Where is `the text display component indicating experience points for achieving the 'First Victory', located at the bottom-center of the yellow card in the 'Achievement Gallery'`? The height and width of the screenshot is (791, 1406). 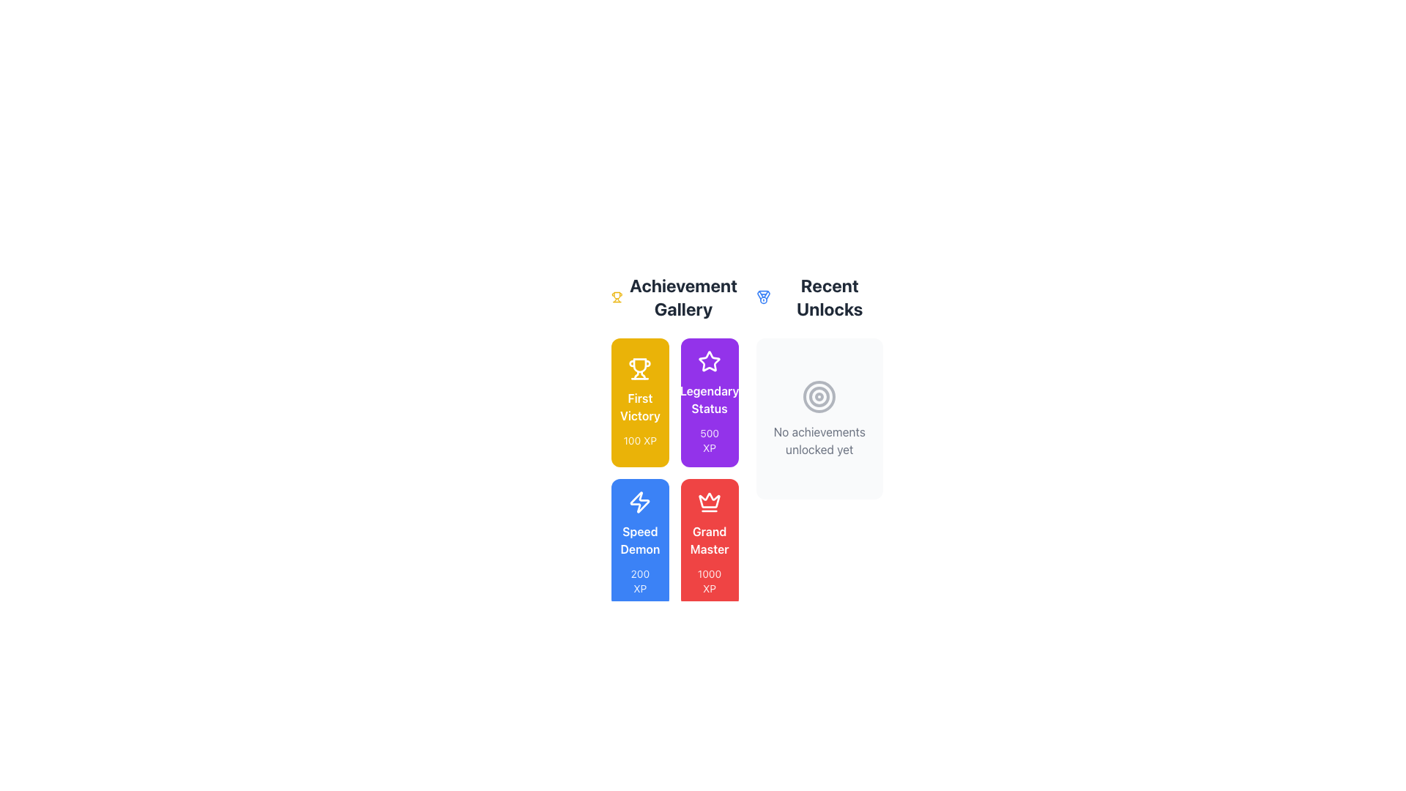
the text display component indicating experience points for achieving the 'First Victory', located at the bottom-center of the yellow card in the 'Achievement Gallery' is located at coordinates (640, 439).